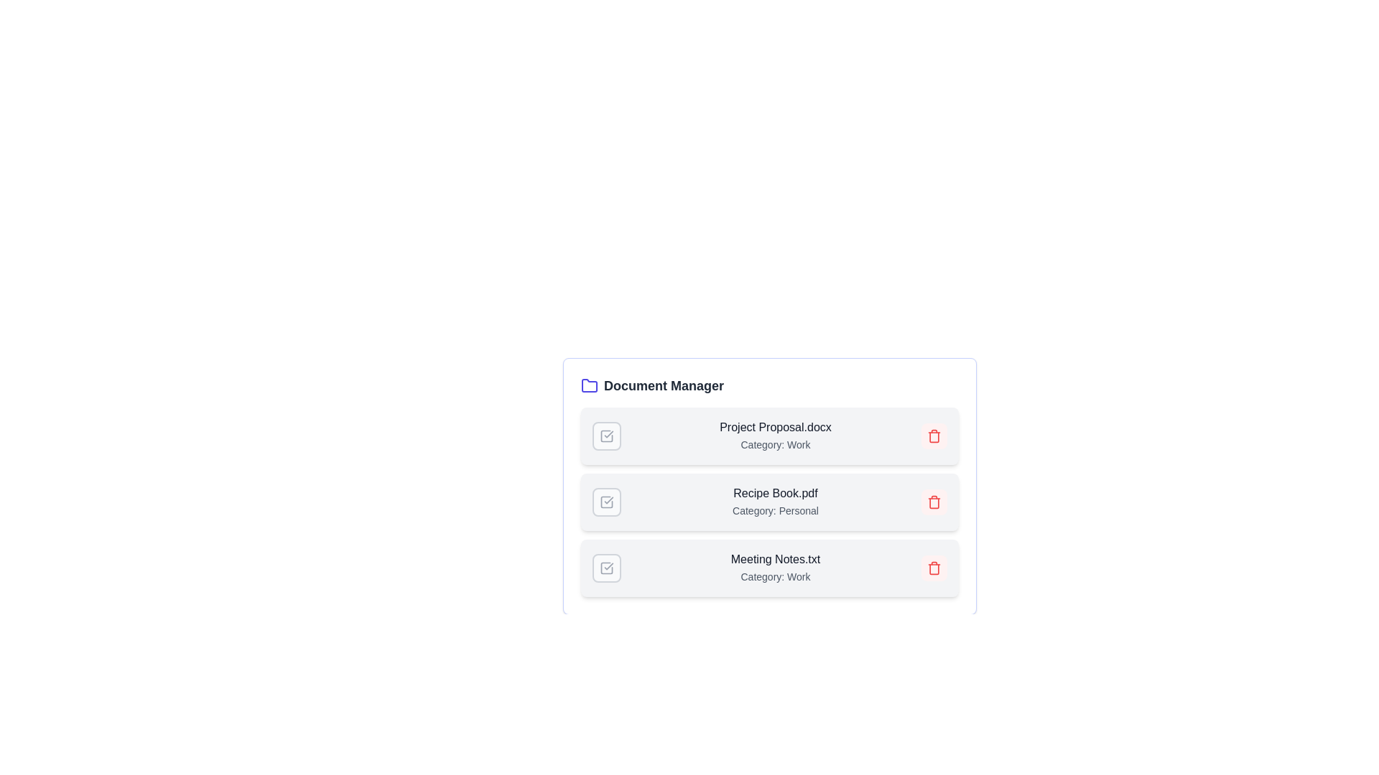 The height and width of the screenshot is (775, 1379). I want to click on the delete button, which is a compact square-shaped button with a light red background and a trash icon, located in the bottom-right corner of the 'Meeting Notes.txt' entry, so click(934, 567).